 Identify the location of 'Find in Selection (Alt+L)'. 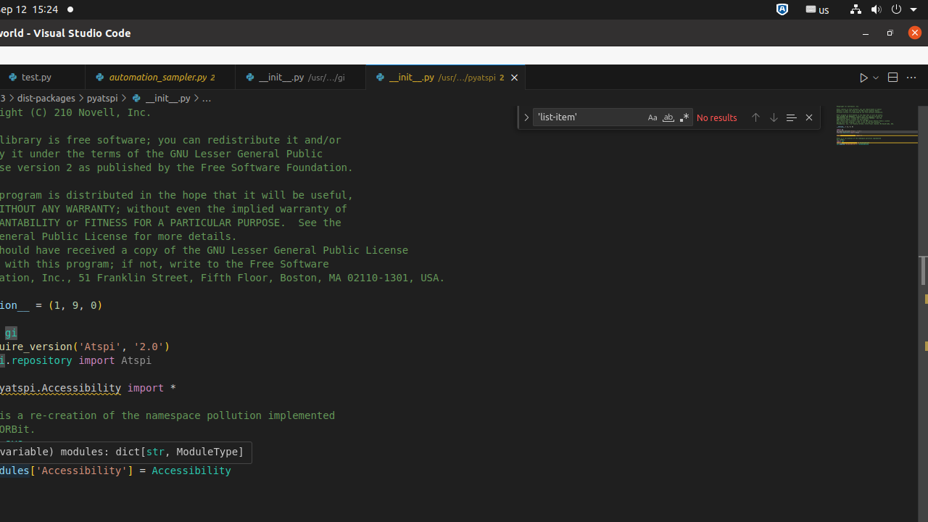
(790, 116).